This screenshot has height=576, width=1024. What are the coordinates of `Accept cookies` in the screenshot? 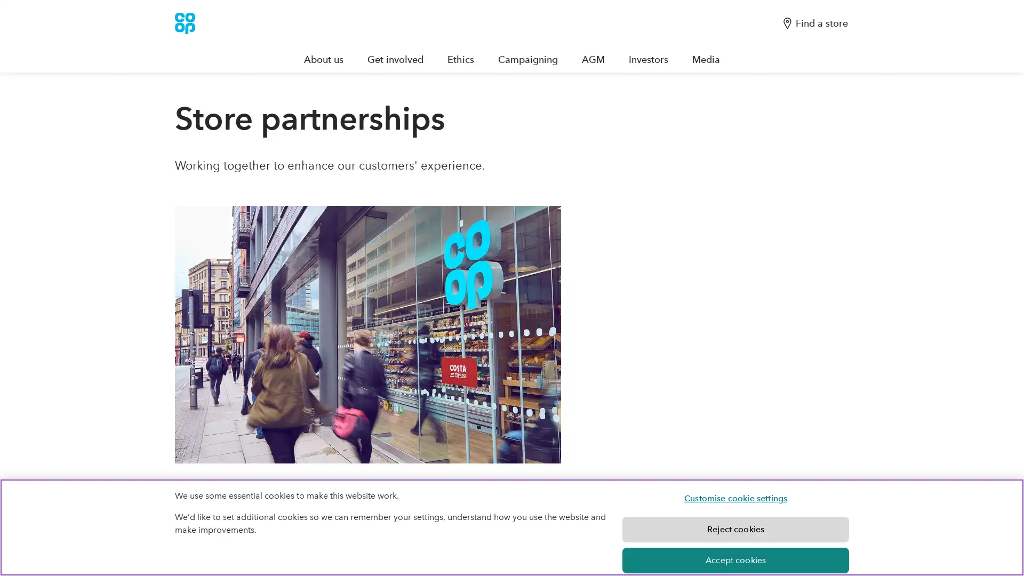 It's located at (734, 559).